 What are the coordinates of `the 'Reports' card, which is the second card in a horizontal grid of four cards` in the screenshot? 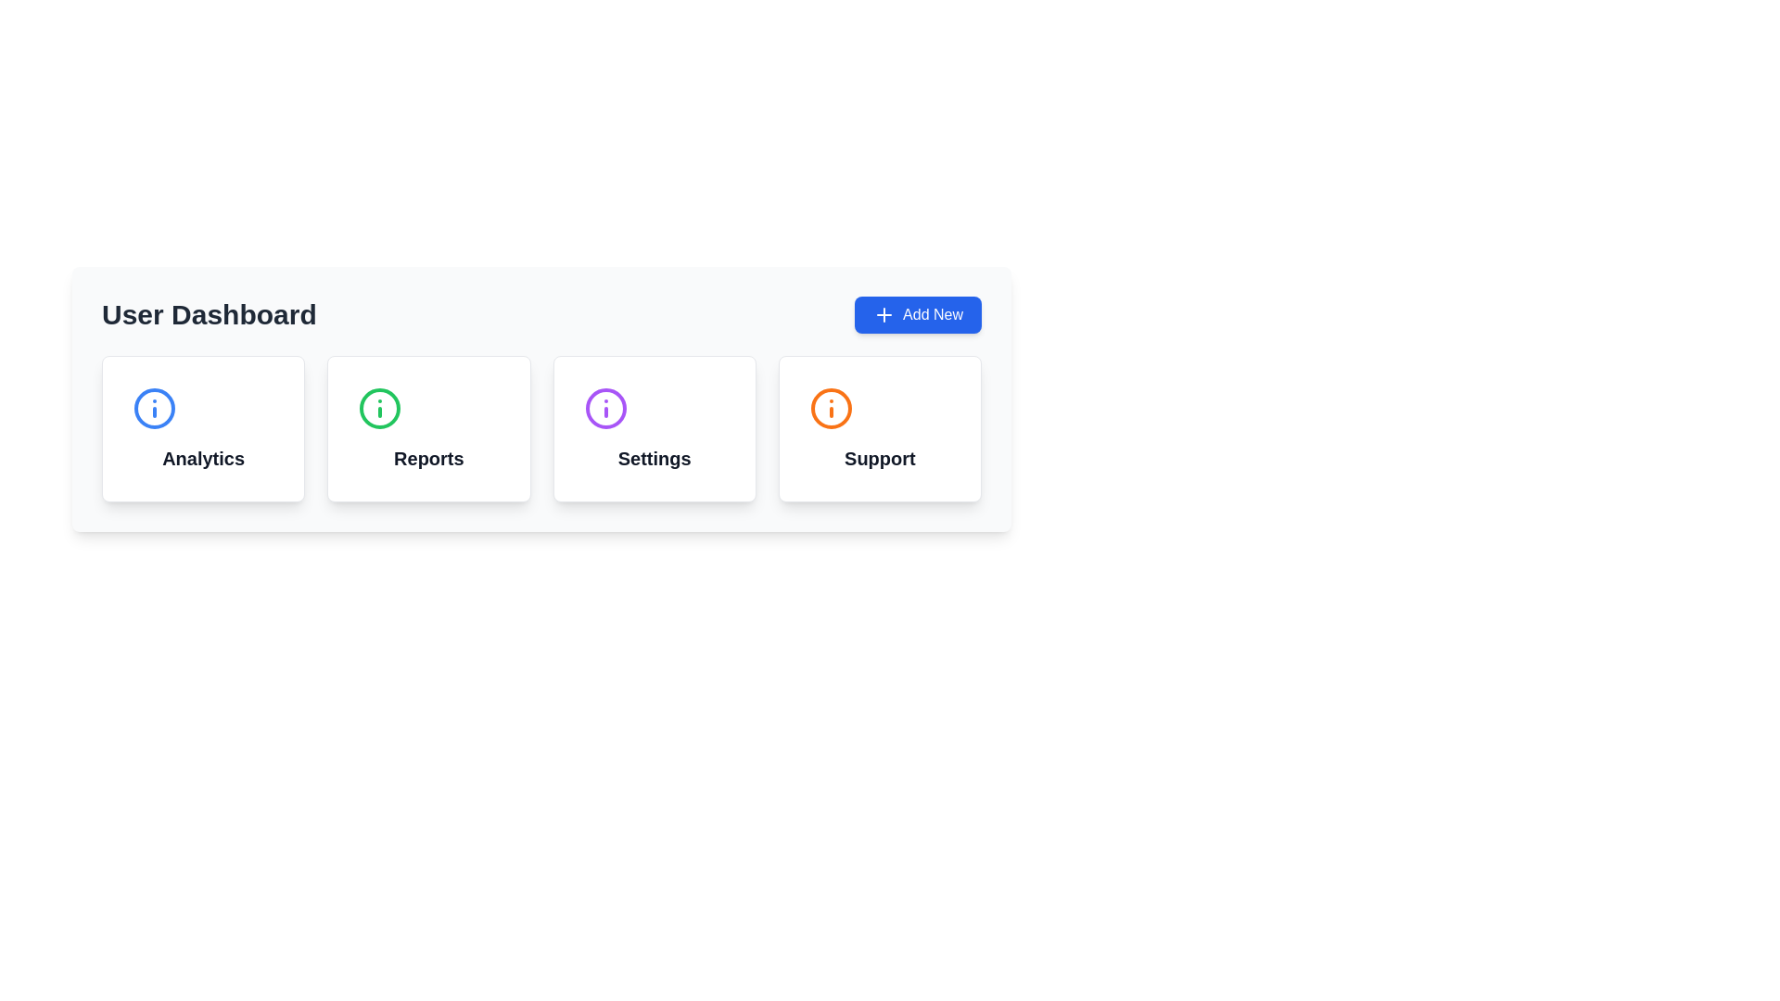 It's located at (427, 428).